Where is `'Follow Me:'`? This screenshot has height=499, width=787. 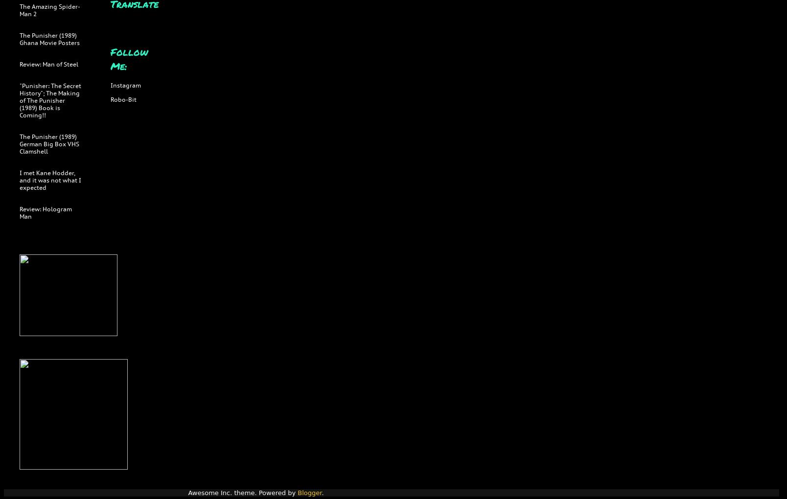
'Follow Me:' is located at coordinates (129, 58).